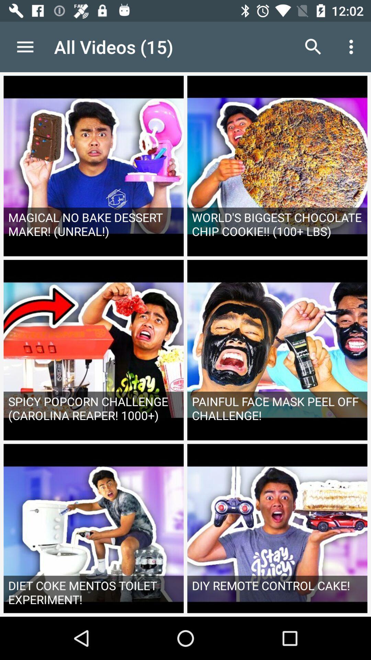  What do you see at coordinates (94, 530) in the screenshot?
I see `the last image at bottom left` at bounding box center [94, 530].